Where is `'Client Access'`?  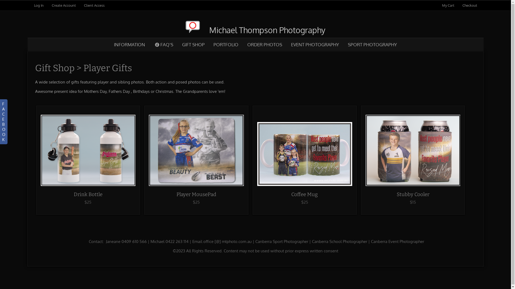 'Client Access' is located at coordinates (94, 5).